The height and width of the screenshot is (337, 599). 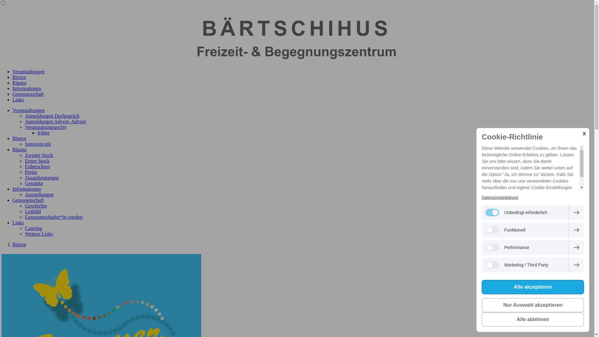 What do you see at coordinates (533, 319) in the screenshot?
I see `'Alle ablehnen'` at bounding box center [533, 319].